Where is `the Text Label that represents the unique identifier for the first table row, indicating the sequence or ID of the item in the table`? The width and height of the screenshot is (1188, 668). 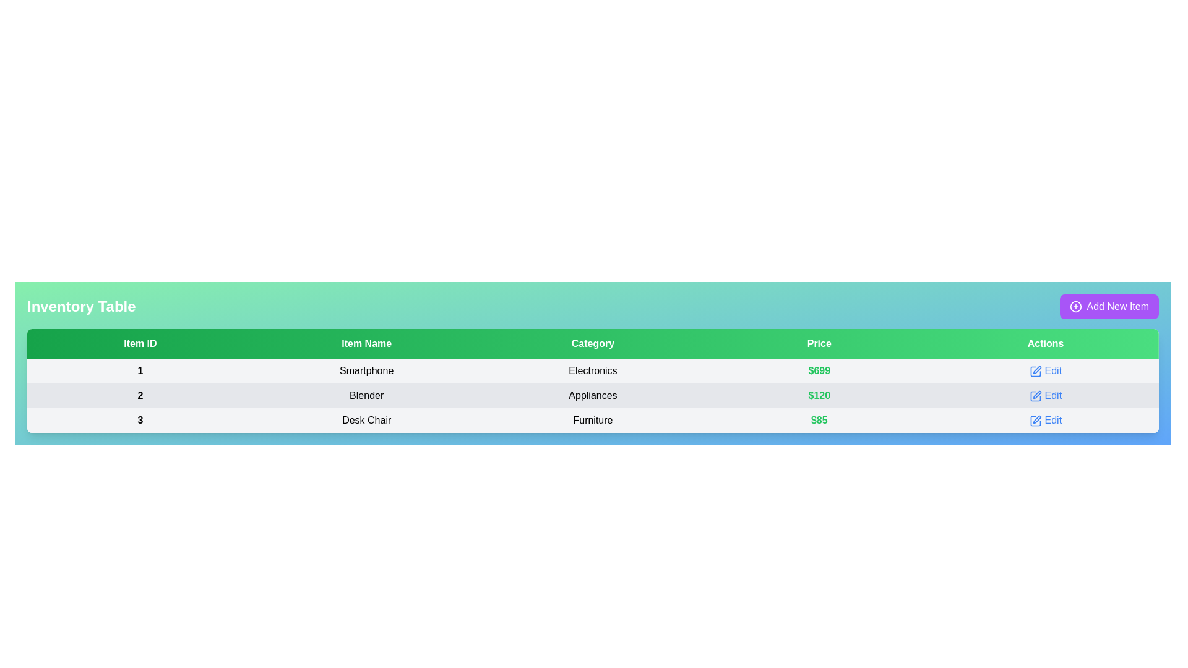
the Text Label that represents the unique identifier for the first table row, indicating the sequence or ID of the item in the table is located at coordinates (140, 370).